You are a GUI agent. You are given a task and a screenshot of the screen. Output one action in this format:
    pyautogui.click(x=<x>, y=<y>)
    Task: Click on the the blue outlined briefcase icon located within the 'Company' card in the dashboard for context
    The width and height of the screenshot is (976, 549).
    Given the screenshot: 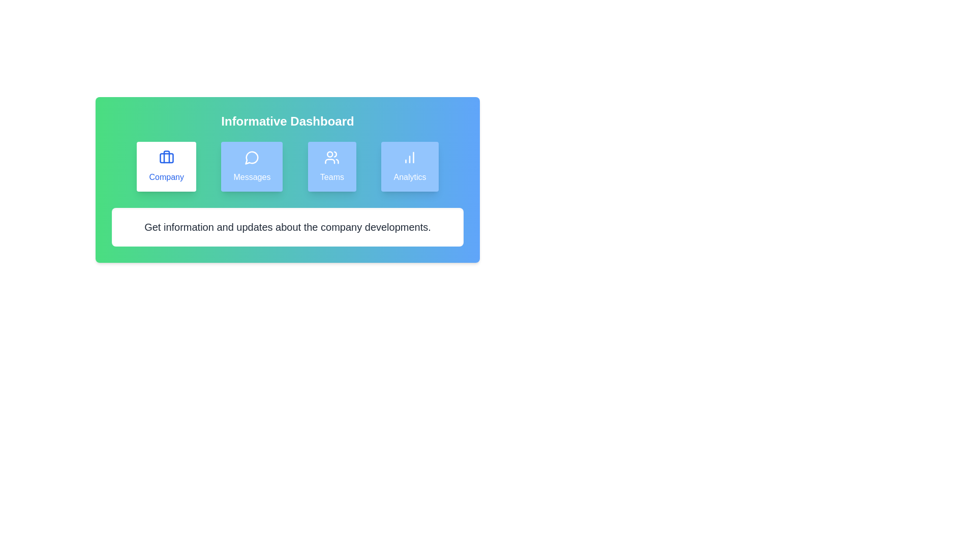 What is the action you would take?
    pyautogui.click(x=166, y=157)
    